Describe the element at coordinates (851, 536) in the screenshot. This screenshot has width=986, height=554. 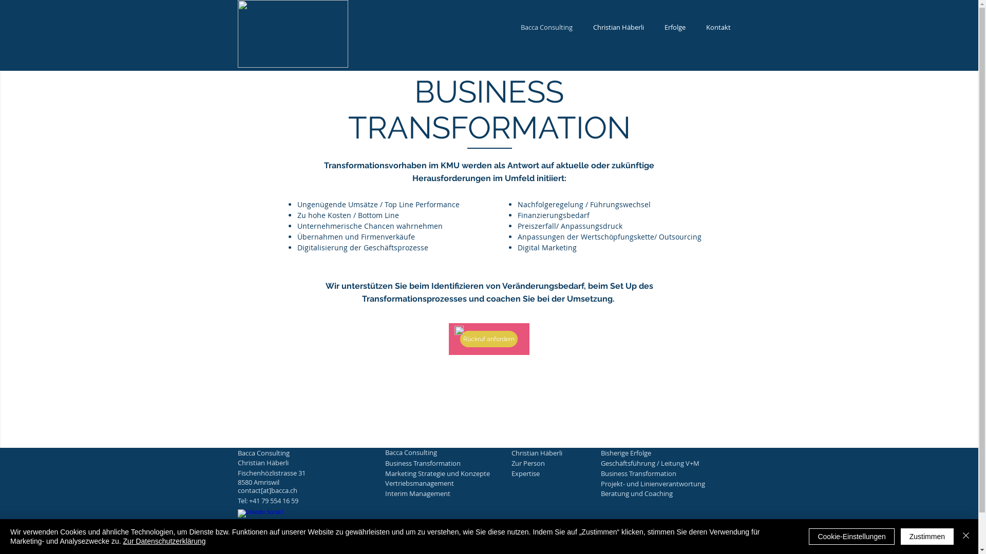
I see `'Cookie-Einstellungen'` at that location.